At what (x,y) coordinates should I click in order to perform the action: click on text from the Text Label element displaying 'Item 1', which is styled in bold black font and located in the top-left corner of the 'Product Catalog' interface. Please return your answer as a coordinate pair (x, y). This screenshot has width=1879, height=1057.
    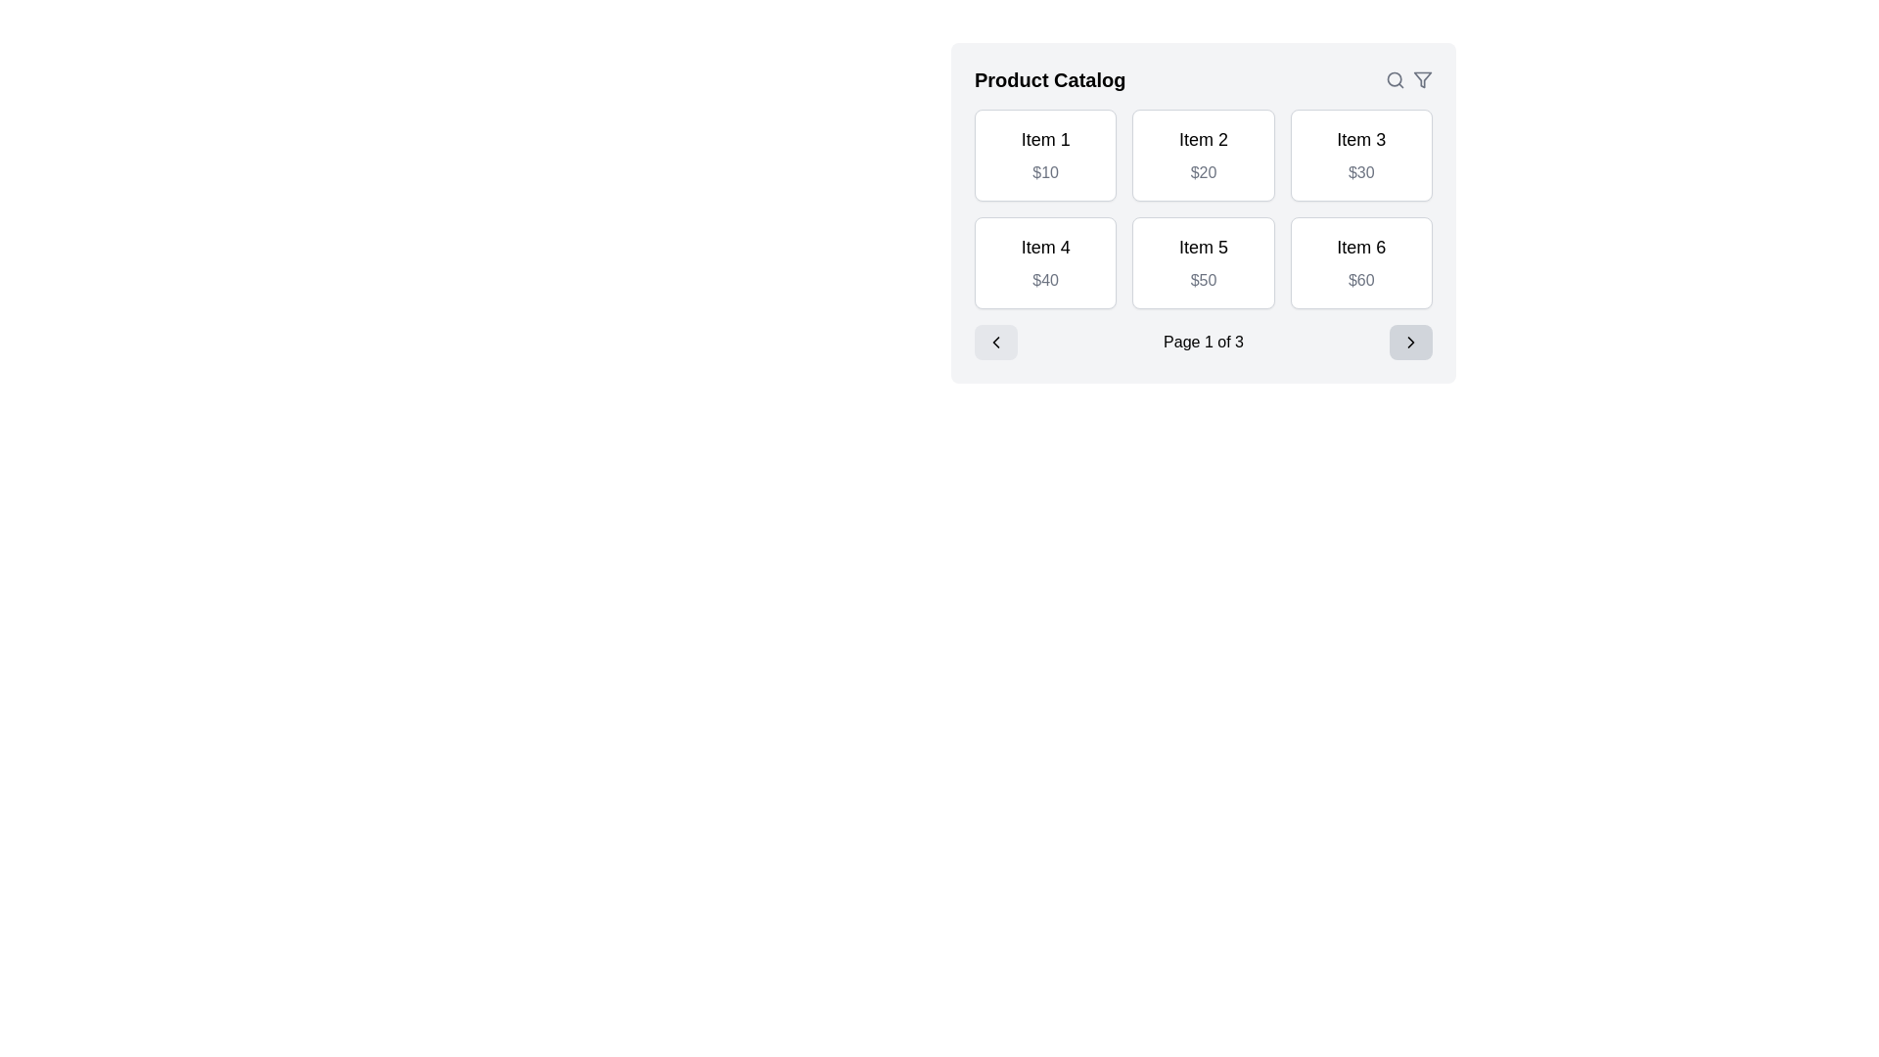
    Looking at the image, I should click on (1044, 138).